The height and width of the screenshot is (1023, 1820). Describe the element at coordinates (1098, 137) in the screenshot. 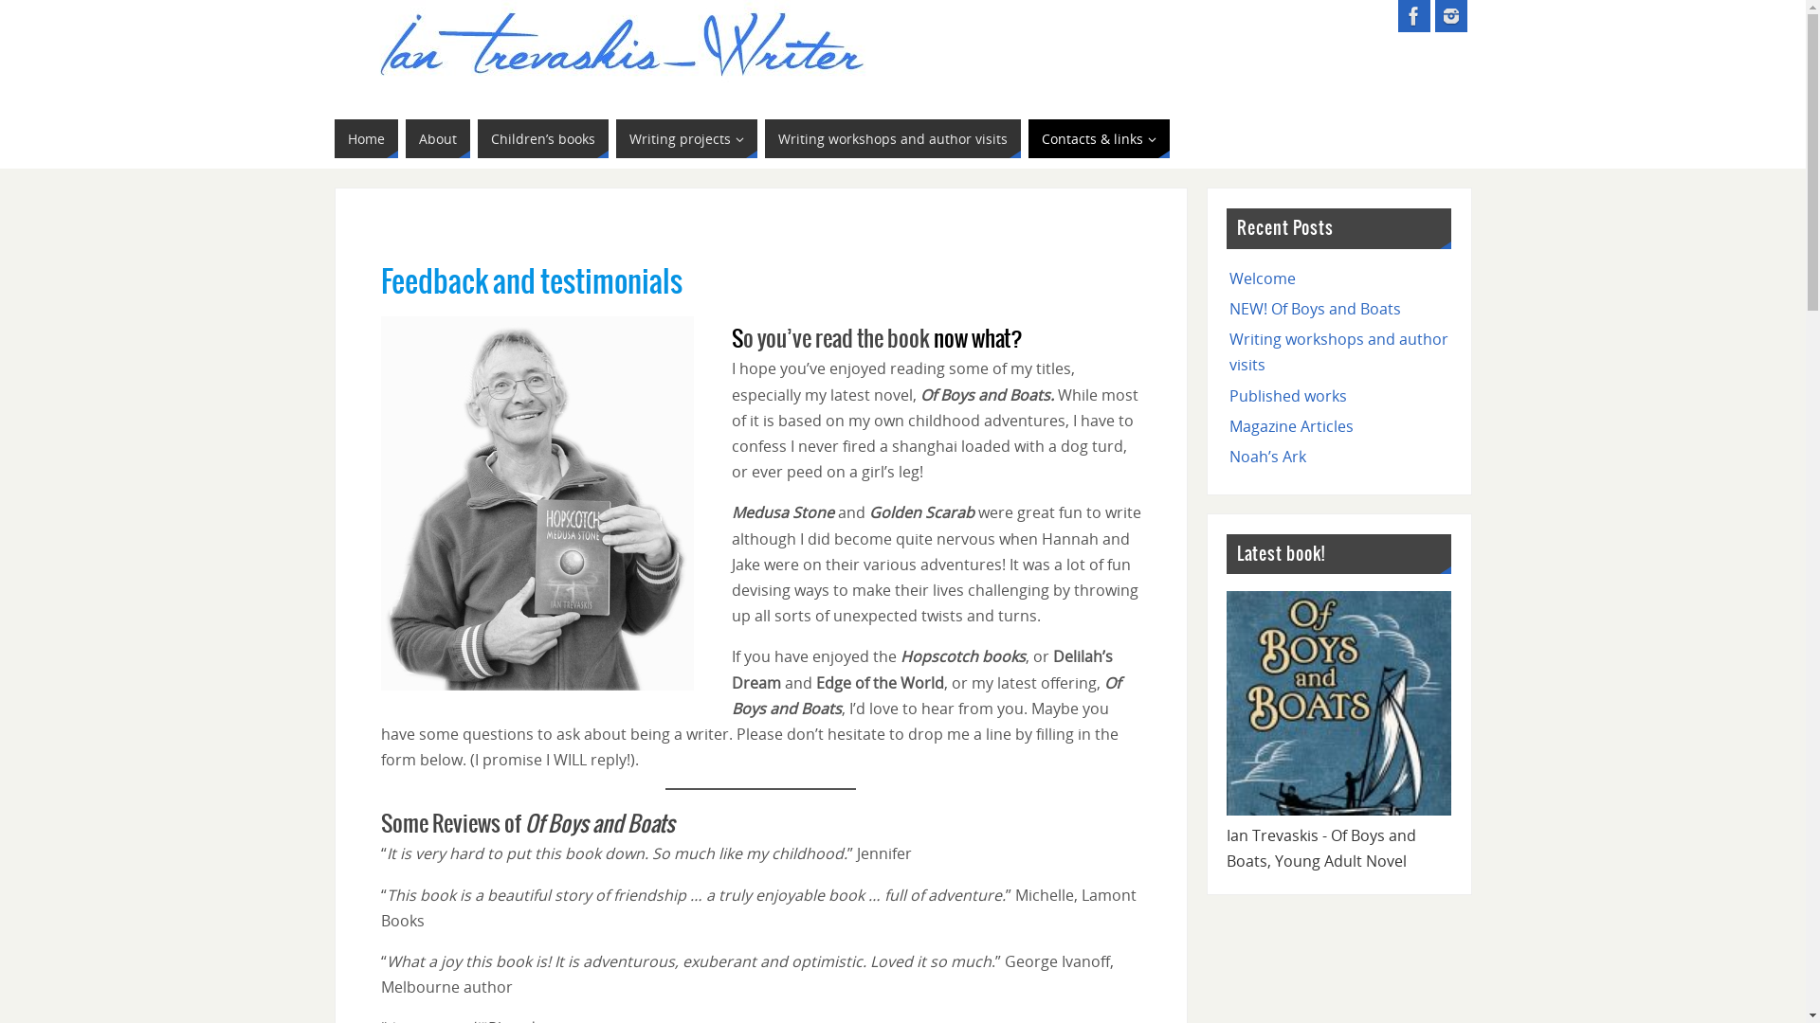

I see `'Contacts & links'` at that location.